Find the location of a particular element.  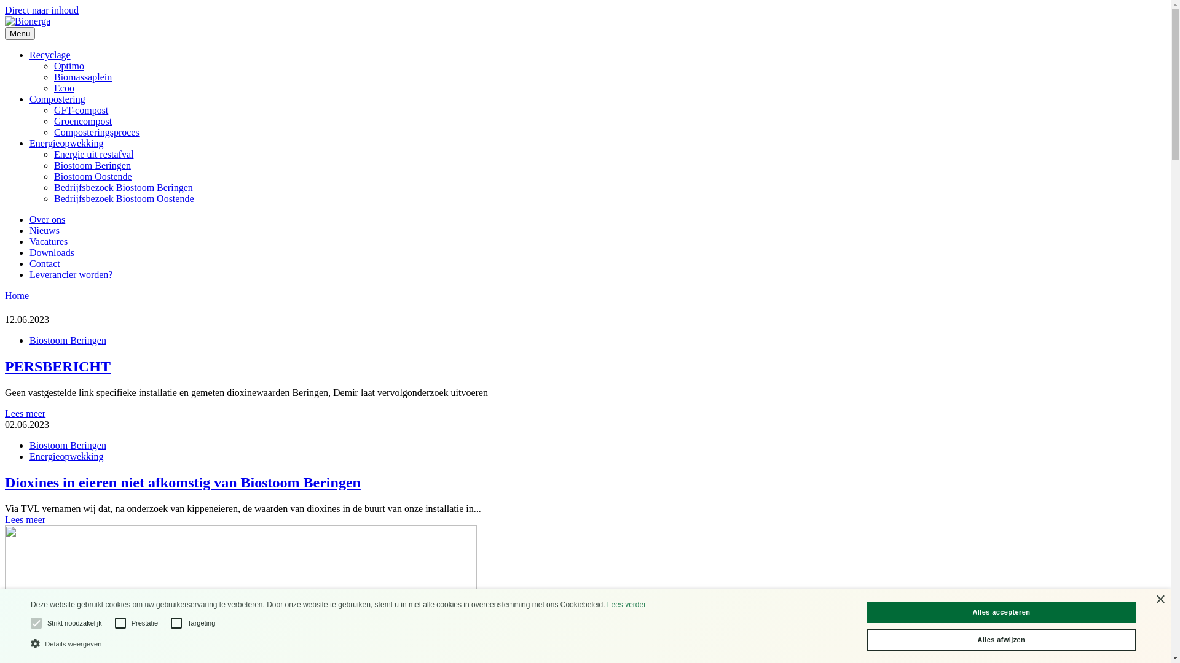

'Lees meer' is located at coordinates (25, 519).